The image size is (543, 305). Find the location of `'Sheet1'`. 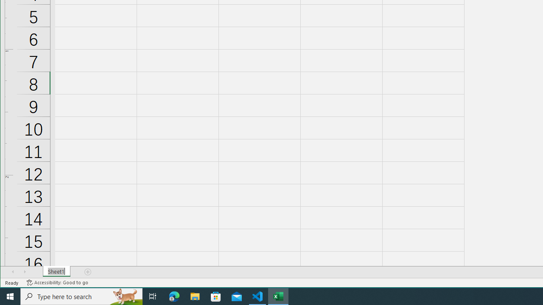

'Sheet1' is located at coordinates (56, 272).